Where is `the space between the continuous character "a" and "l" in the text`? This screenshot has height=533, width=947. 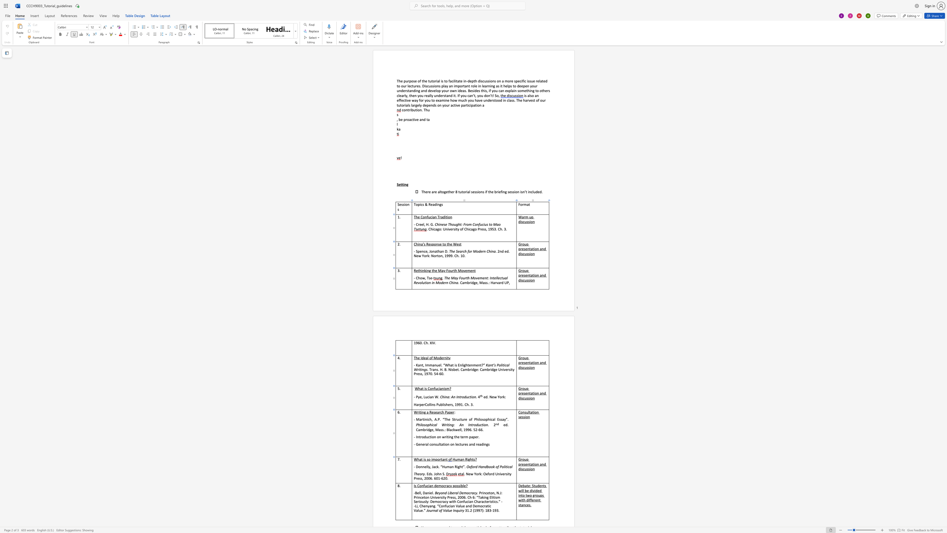
the space between the continuous character "a" and "l" in the text is located at coordinates (493, 419).